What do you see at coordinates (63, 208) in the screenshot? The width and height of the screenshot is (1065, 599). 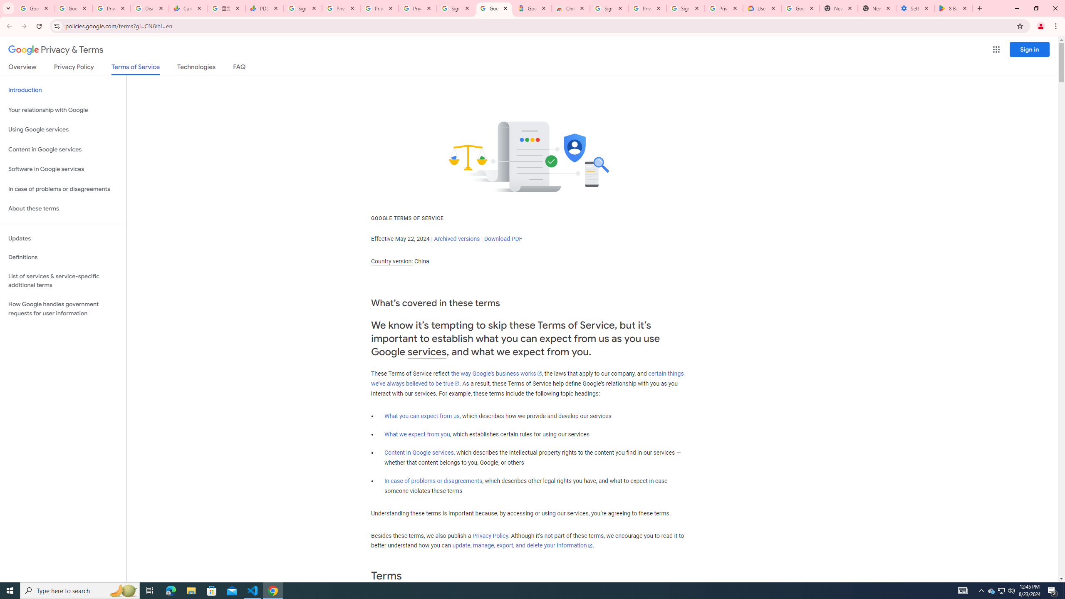 I see `'About these terms'` at bounding box center [63, 208].